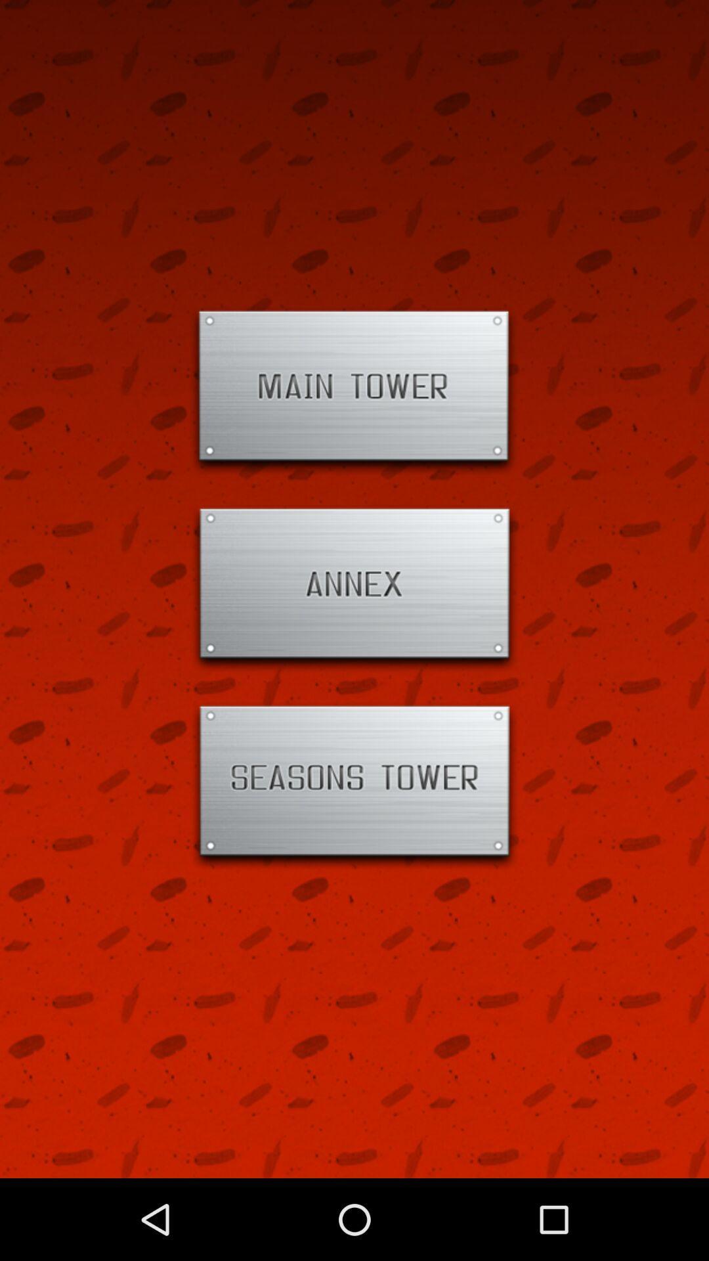  What do you see at coordinates (354, 391) in the screenshot?
I see `main tower button` at bounding box center [354, 391].